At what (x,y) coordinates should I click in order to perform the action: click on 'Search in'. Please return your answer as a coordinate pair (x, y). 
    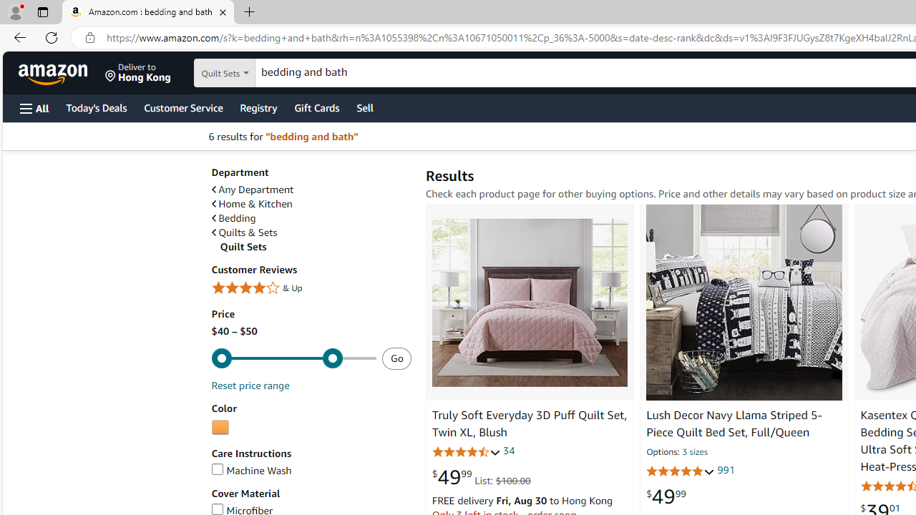
    Looking at the image, I should click on (265, 73).